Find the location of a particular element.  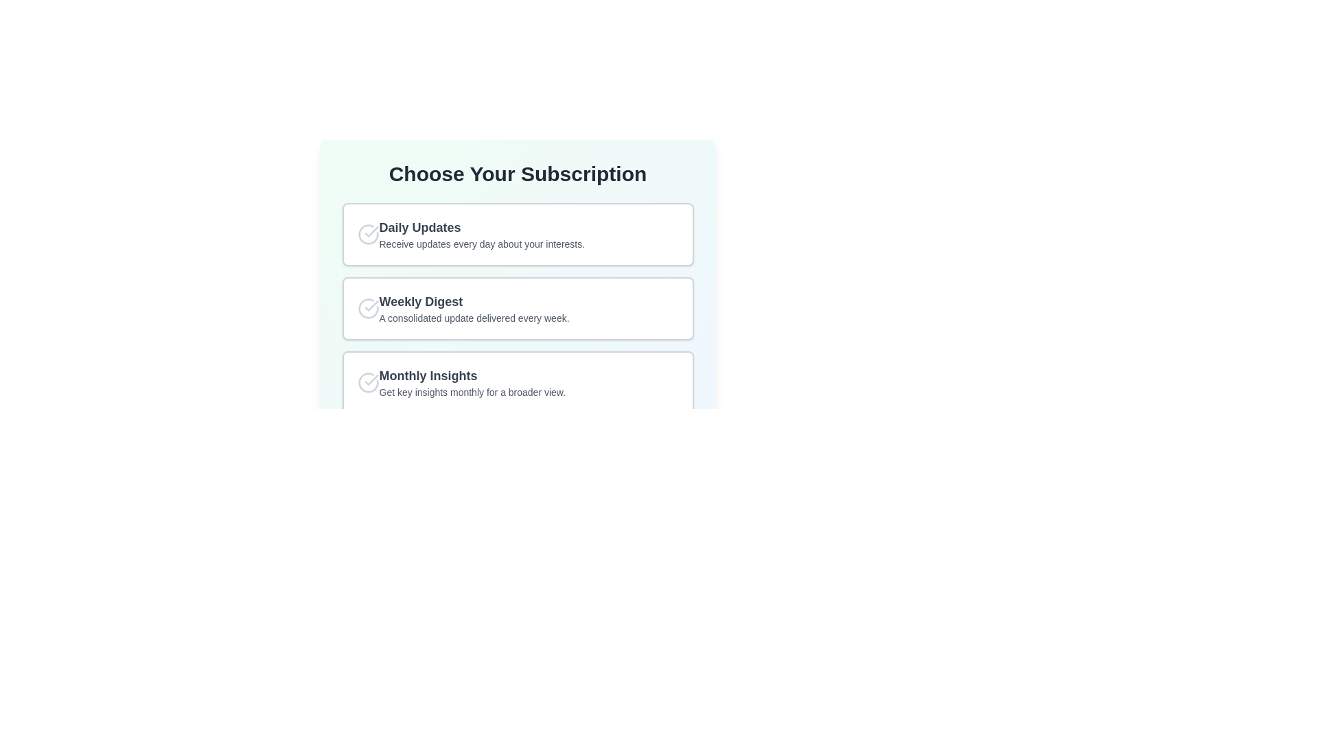

text element representing the subscription option for daily updates located under the heading 'Choose Your Subscription' at the top of the list is located at coordinates (482, 234).